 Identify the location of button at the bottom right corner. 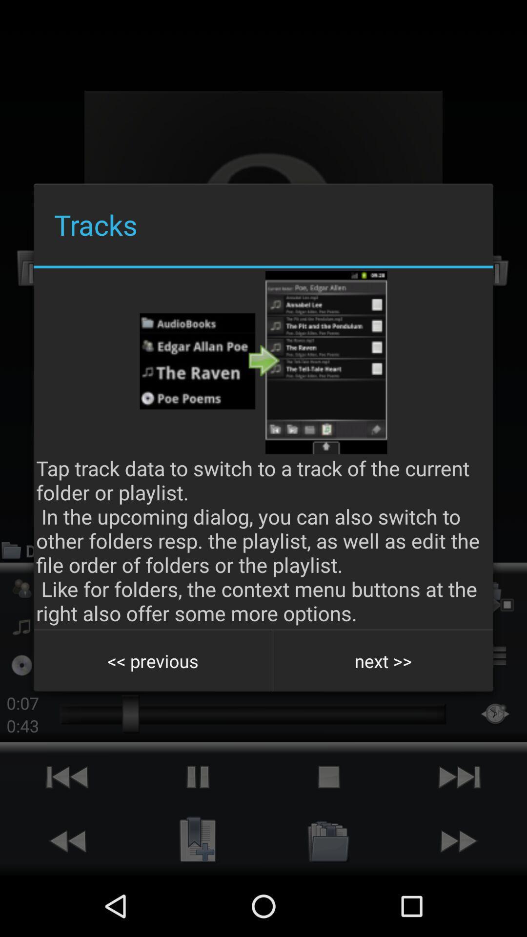
(383, 661).